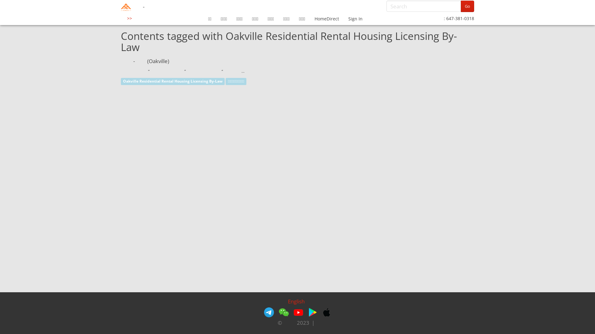 The image size is (595, 334). What do you see at coordinates (326, 19) in the screenshot?
I see `'HomeDirect'` at bounding box center [326, 19].